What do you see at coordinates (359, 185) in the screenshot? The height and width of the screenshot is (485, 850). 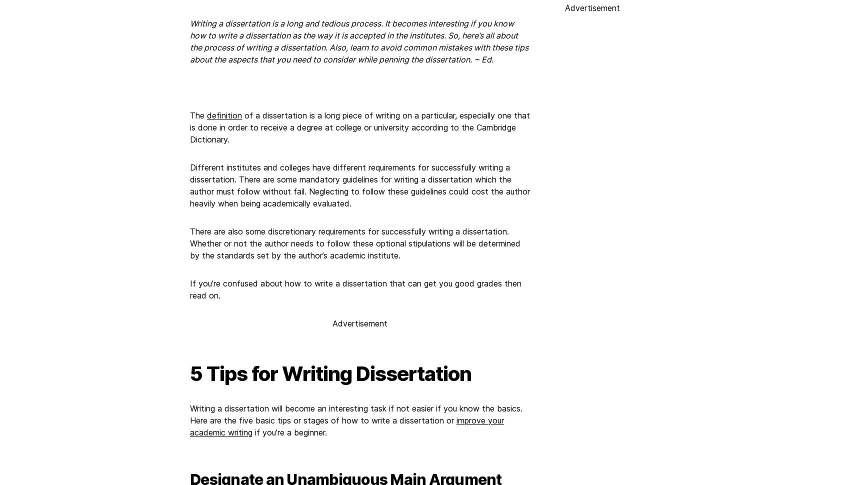 I see `'Different institutes and colleges have different requirements for successfully writing a dissertation. There are some mandatory guidelines for writing a dissertation which the author must follow without fail. Neglecting to follow these guidelines could cost the author heavily when being academically evaluated.'` at bounding box center [359, 185].